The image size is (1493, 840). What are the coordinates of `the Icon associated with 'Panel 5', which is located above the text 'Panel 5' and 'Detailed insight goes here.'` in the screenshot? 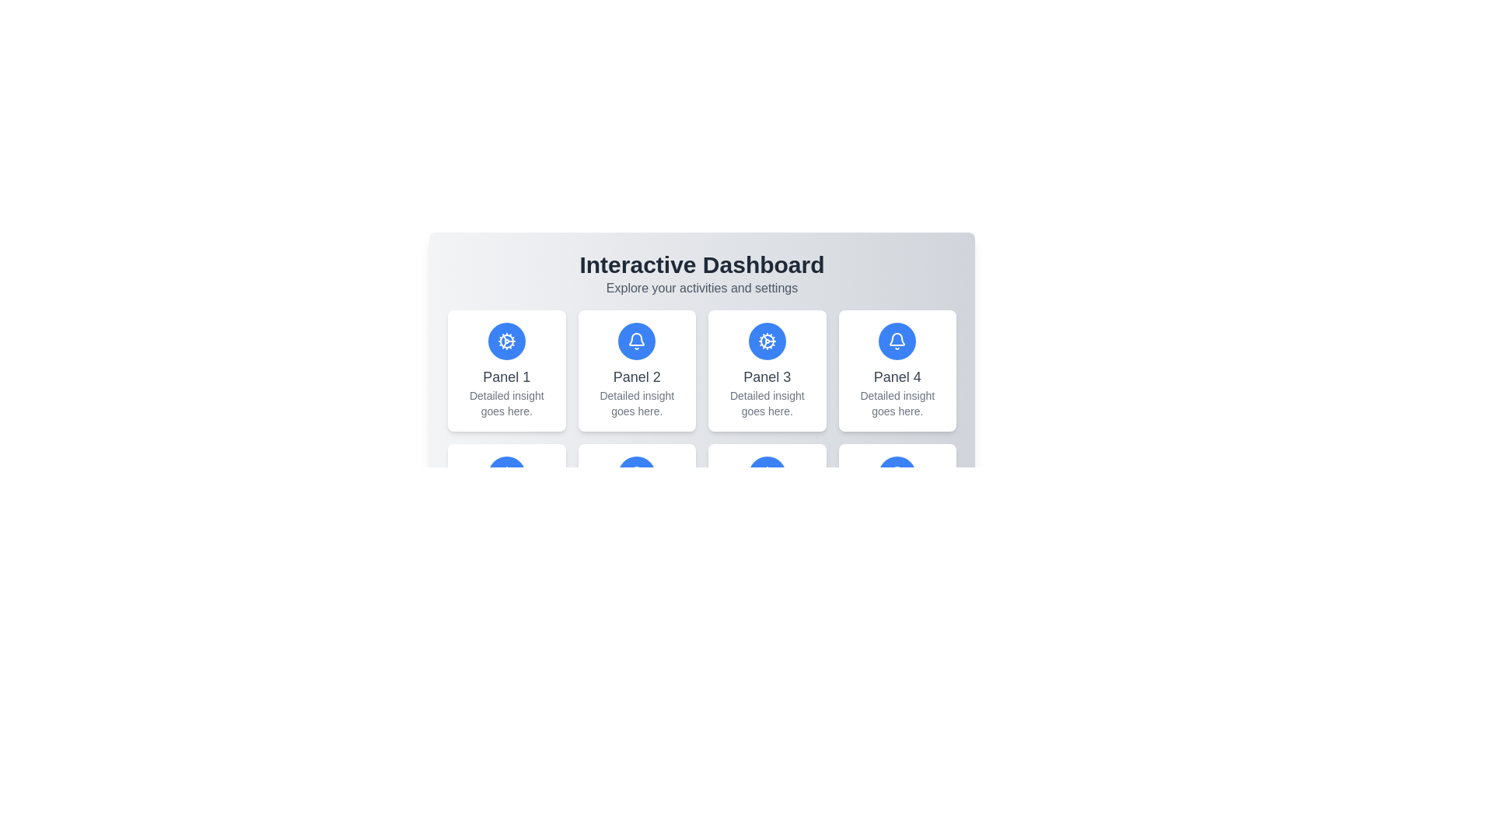 It's located at (506, 474).